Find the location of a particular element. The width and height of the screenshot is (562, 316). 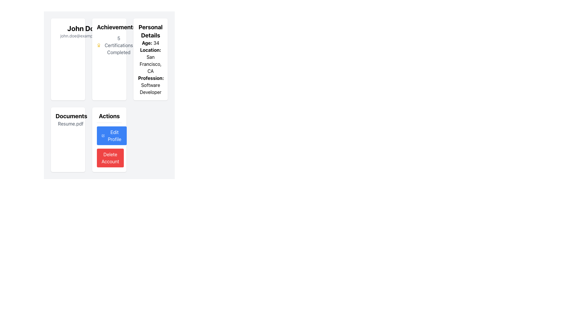

text from the Text Label displaying 'Age: 34', located in the 'Personal Details' panel, as the second entry after the title is located at coordinates (150, 42).